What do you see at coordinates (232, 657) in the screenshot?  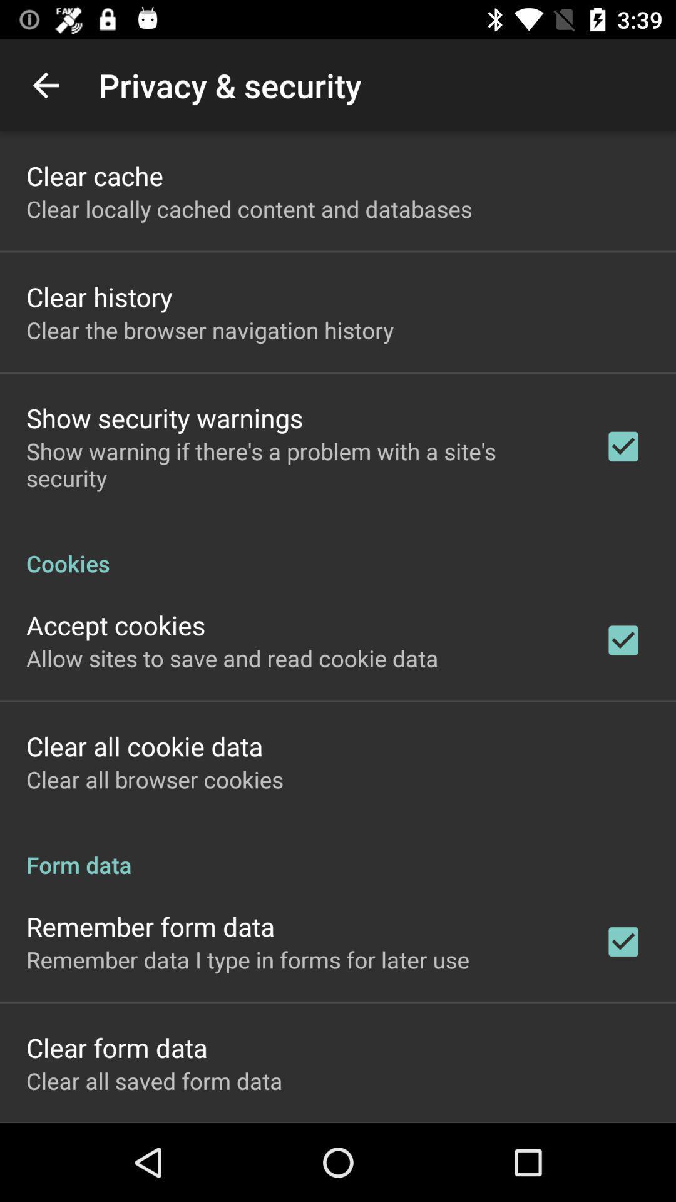 I see `the icon above the clear all cookie` at bounding box center [232, 657].